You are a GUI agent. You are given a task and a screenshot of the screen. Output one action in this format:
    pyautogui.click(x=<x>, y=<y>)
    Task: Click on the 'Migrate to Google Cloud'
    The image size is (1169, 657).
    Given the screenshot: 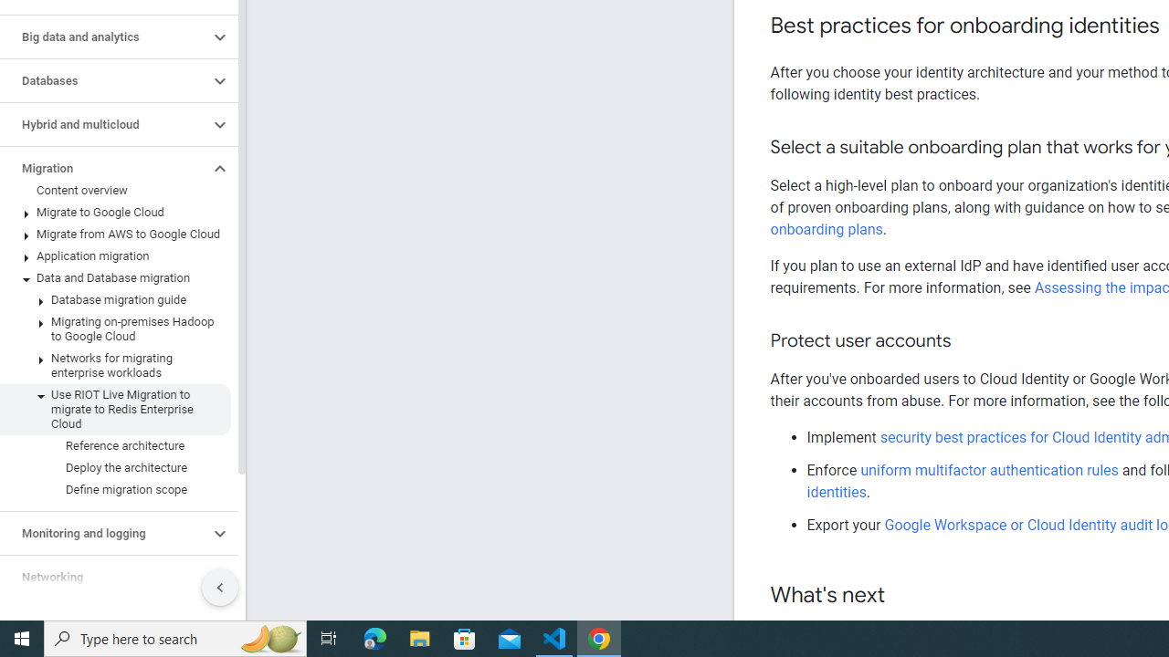 What is the action you would take?
    pyautogui.click(x=114, y=211)
    